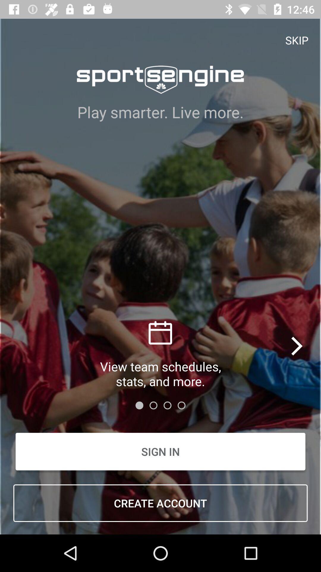 The image size is (321, 572). I want to click on the sign in item, so click(160, 451).